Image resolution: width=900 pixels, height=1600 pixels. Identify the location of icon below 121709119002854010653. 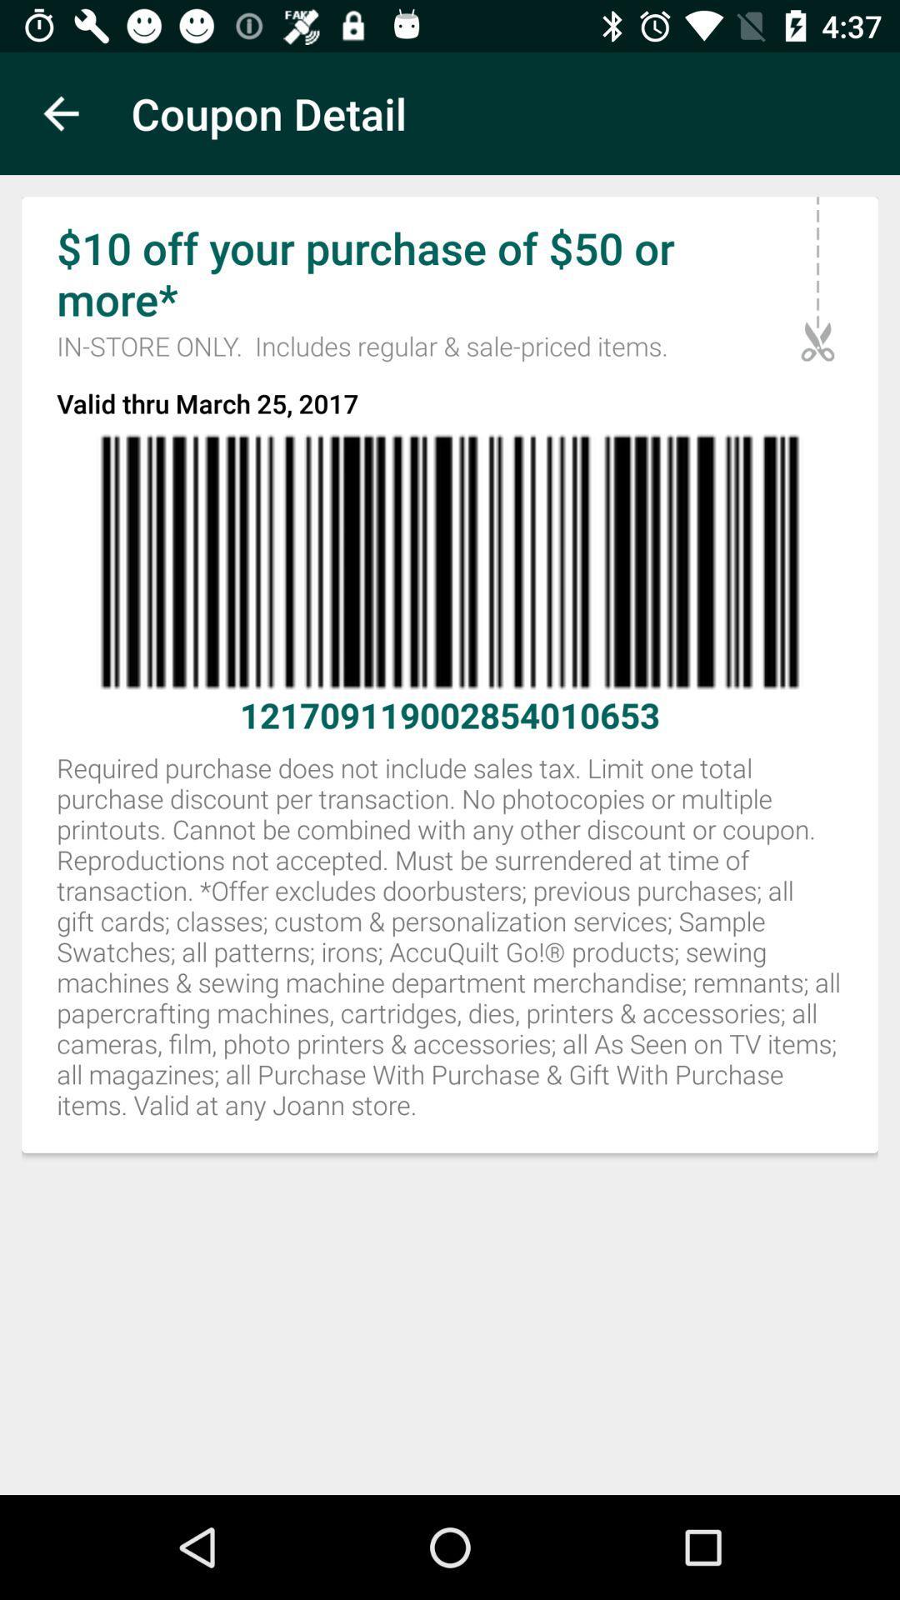
(450, 946).